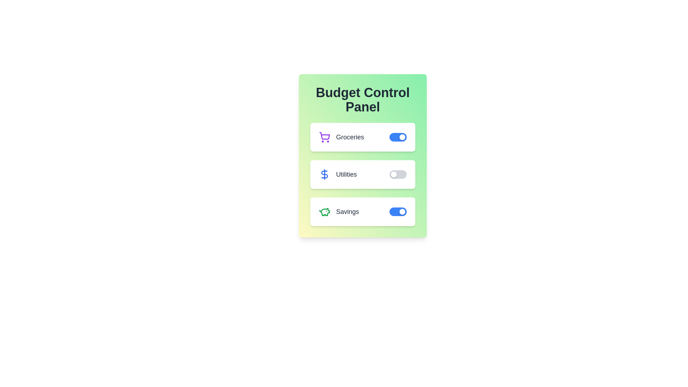 Image resolution: width=688 pixels, height=387 pixels. What do you see at coordinates (324, 137) in the screenshot?
I see `the 'Groceries' icon` at bounding box center [324, 137].